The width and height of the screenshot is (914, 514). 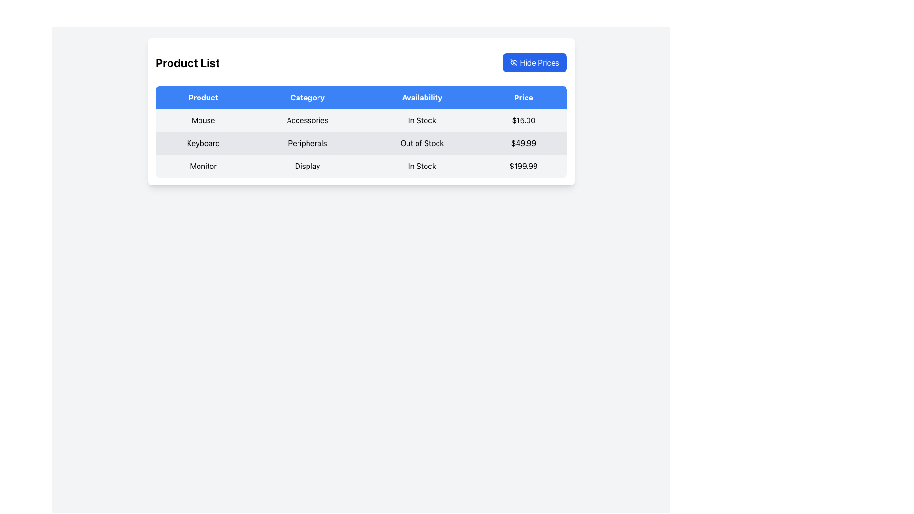 I want to click on information displayed in the third row of the 'Product List' table, which includes product name, category, availability, and price, so click(x=360, y=165).